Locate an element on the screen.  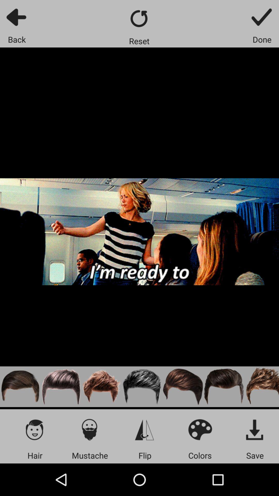
hairstyle is located at coordinates (142, 387).